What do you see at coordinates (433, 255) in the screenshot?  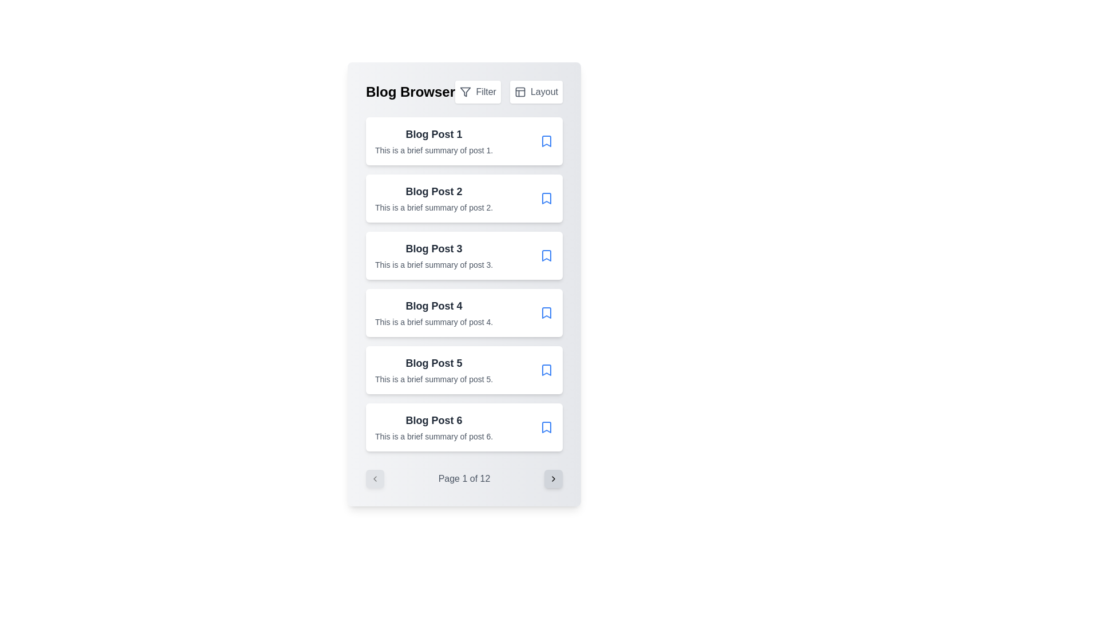 I see `the blog post card element, which is the third item in a vertically stacked list` at bounding box center [433, 255].